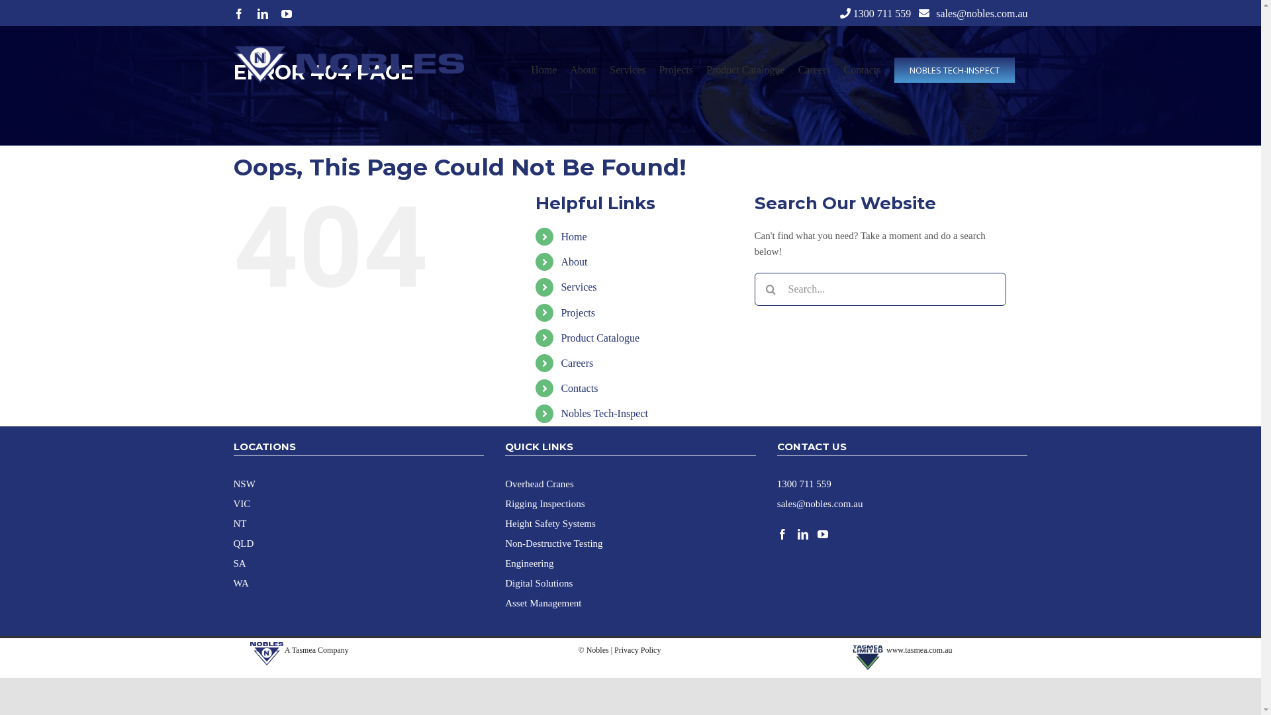 The height and width of the screenshot is (715, 1271). Describe the element at coordinates (578, 312) in the screenshot. I see `'Projects'` at that location.